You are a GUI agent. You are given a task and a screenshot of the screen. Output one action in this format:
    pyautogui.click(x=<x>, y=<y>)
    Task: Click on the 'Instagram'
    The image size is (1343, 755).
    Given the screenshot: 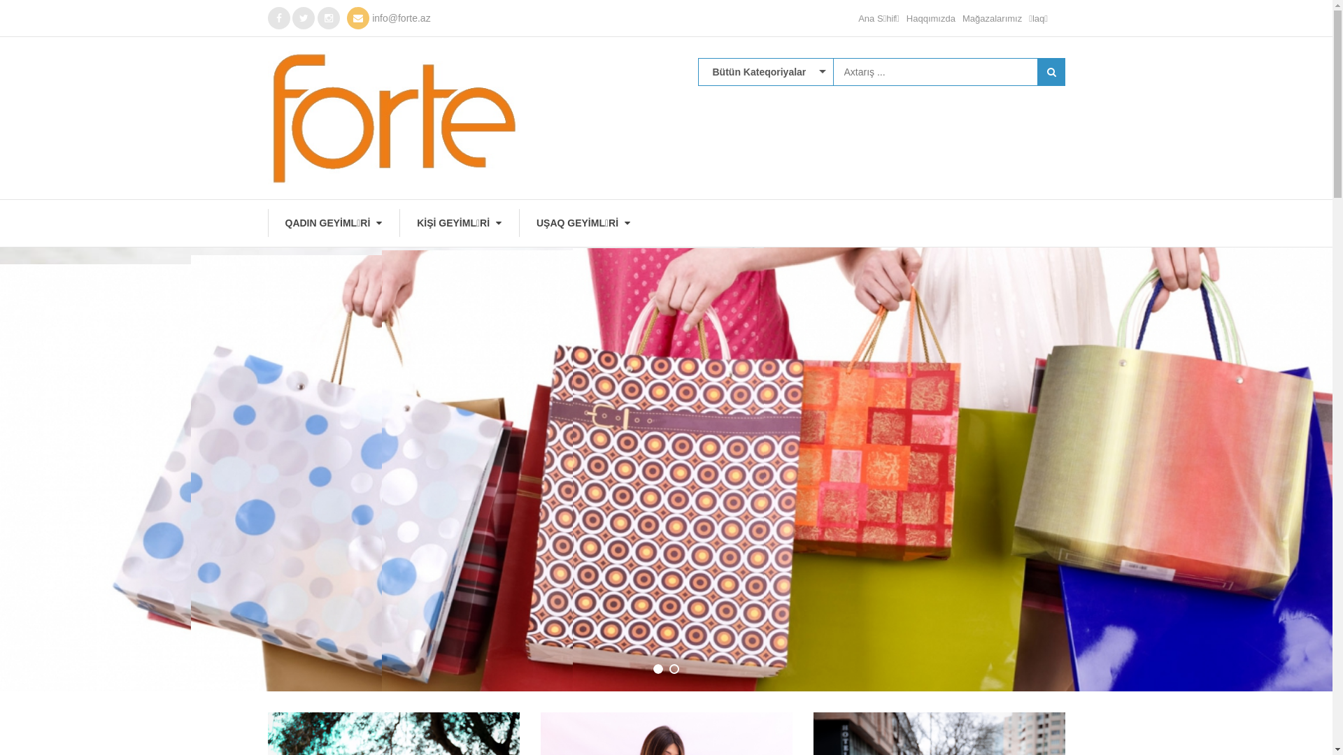 What is the action you would take?
    pyautogui.click(x=328, y=18)
    